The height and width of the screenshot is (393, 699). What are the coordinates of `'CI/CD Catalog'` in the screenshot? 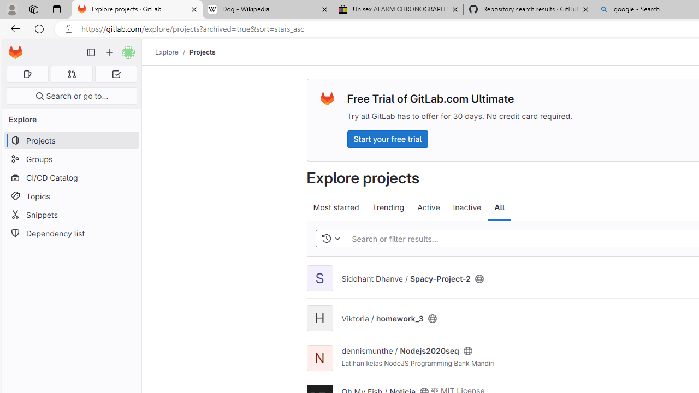 It's located at (71, 177).